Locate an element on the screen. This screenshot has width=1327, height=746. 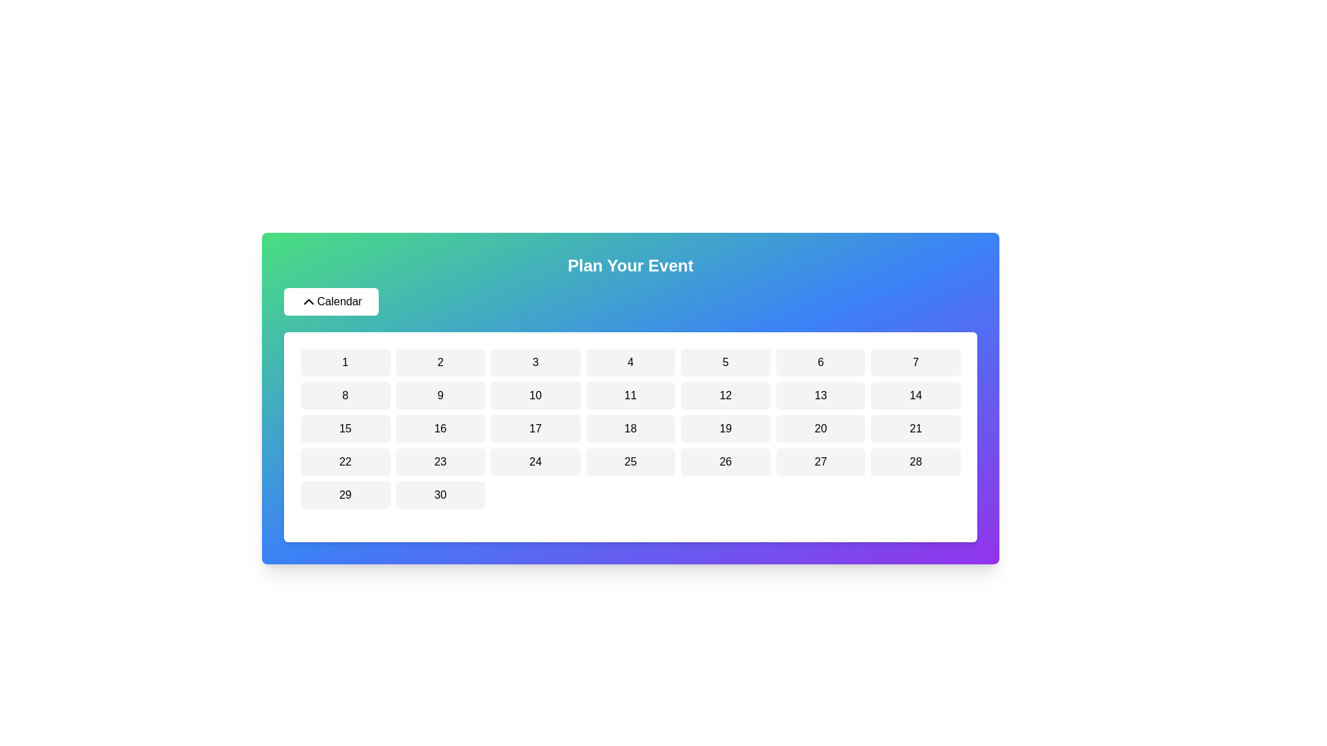
the button representing the number option in the grid layout, specifically located in the third row and fifth column is located at coordinates (725, 428).